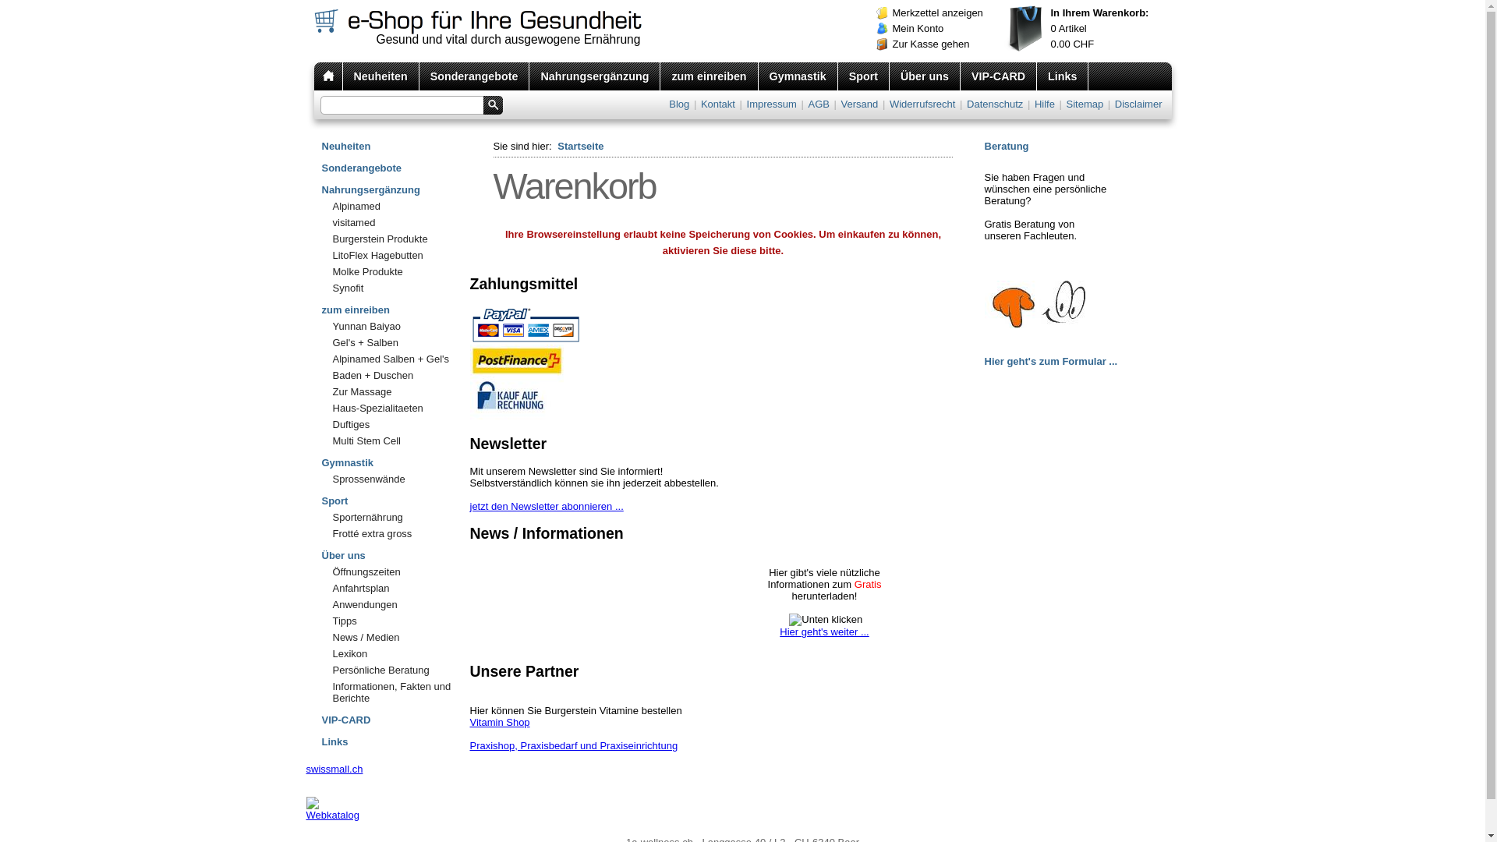 The width and height of the screenshot is (1497, 842). Describe the element at coordinates (1032, 104) in the screenshot. I see `'Hilfe'` at that location.